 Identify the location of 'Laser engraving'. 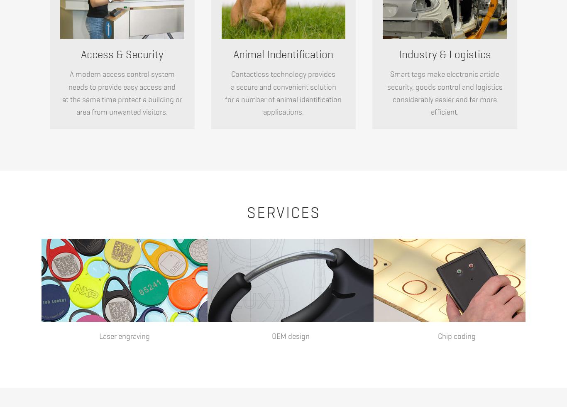
(99, 336).